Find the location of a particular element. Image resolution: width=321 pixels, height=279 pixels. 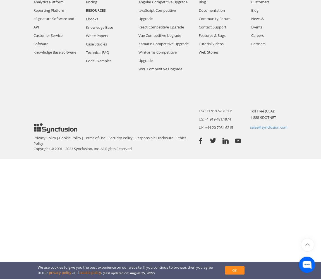

'White Papers' is located at coordinates (97, 35).